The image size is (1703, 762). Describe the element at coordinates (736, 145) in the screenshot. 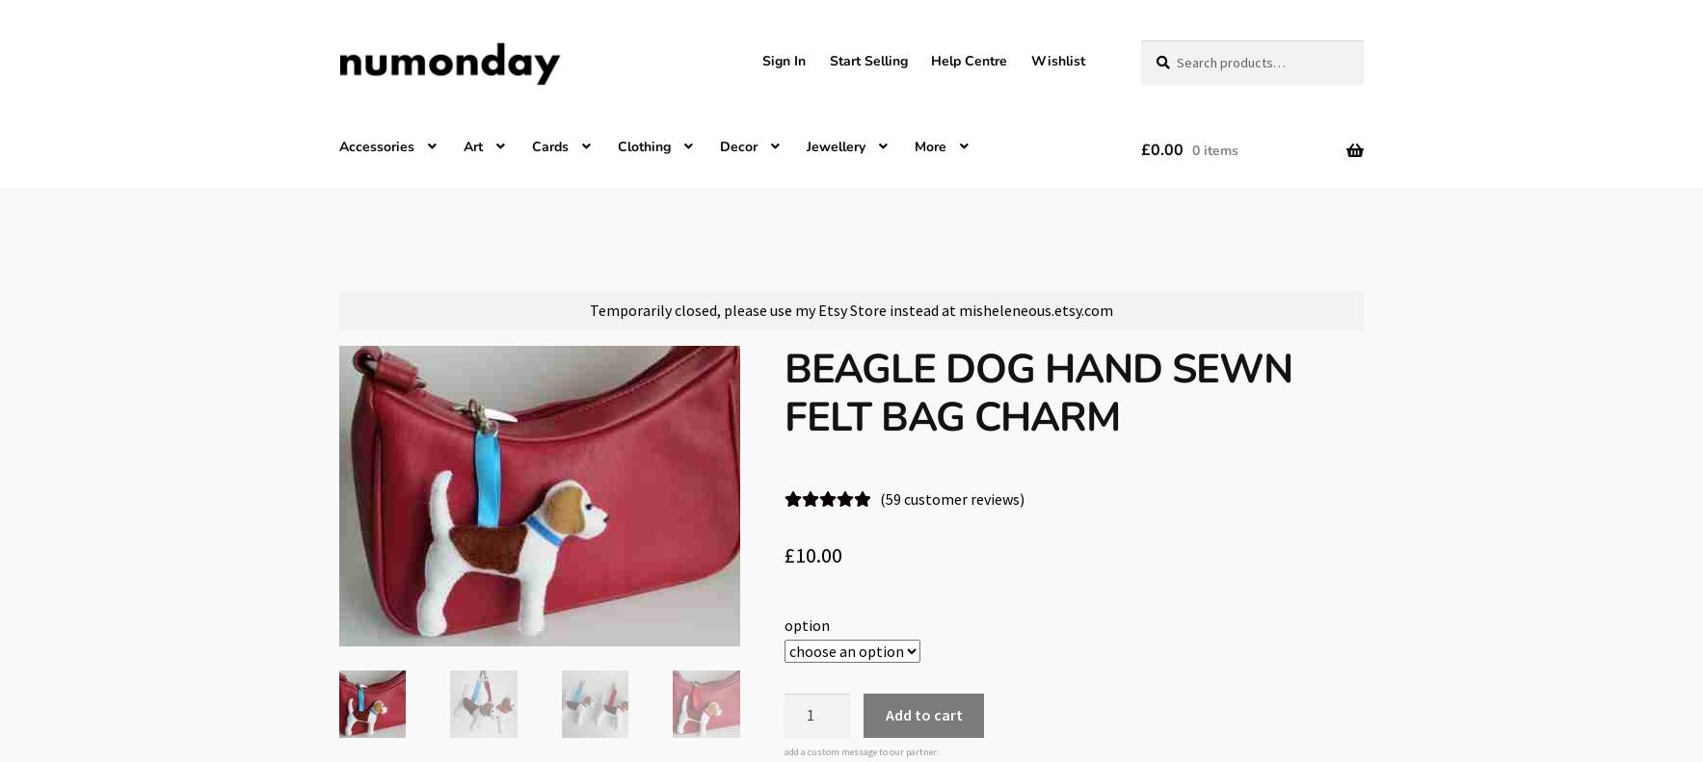

I see `'Decor'` at that location.